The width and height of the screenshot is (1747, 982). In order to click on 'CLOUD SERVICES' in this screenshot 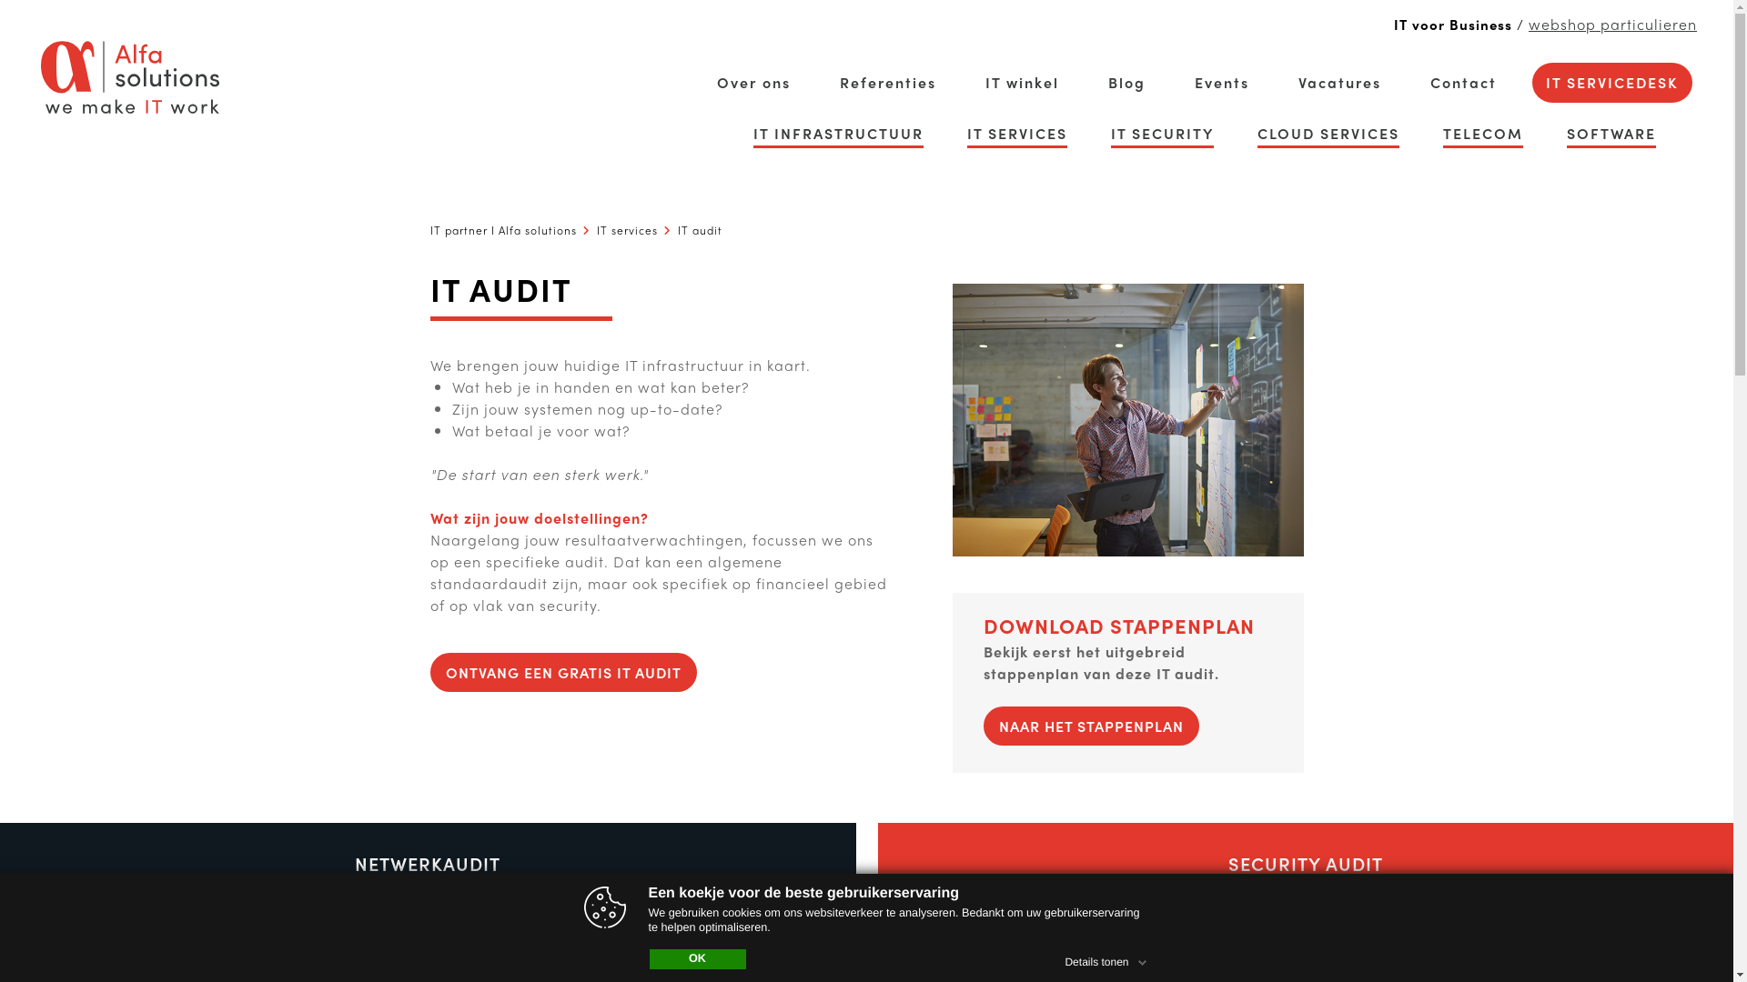, I will do `click(1328, 132)`.